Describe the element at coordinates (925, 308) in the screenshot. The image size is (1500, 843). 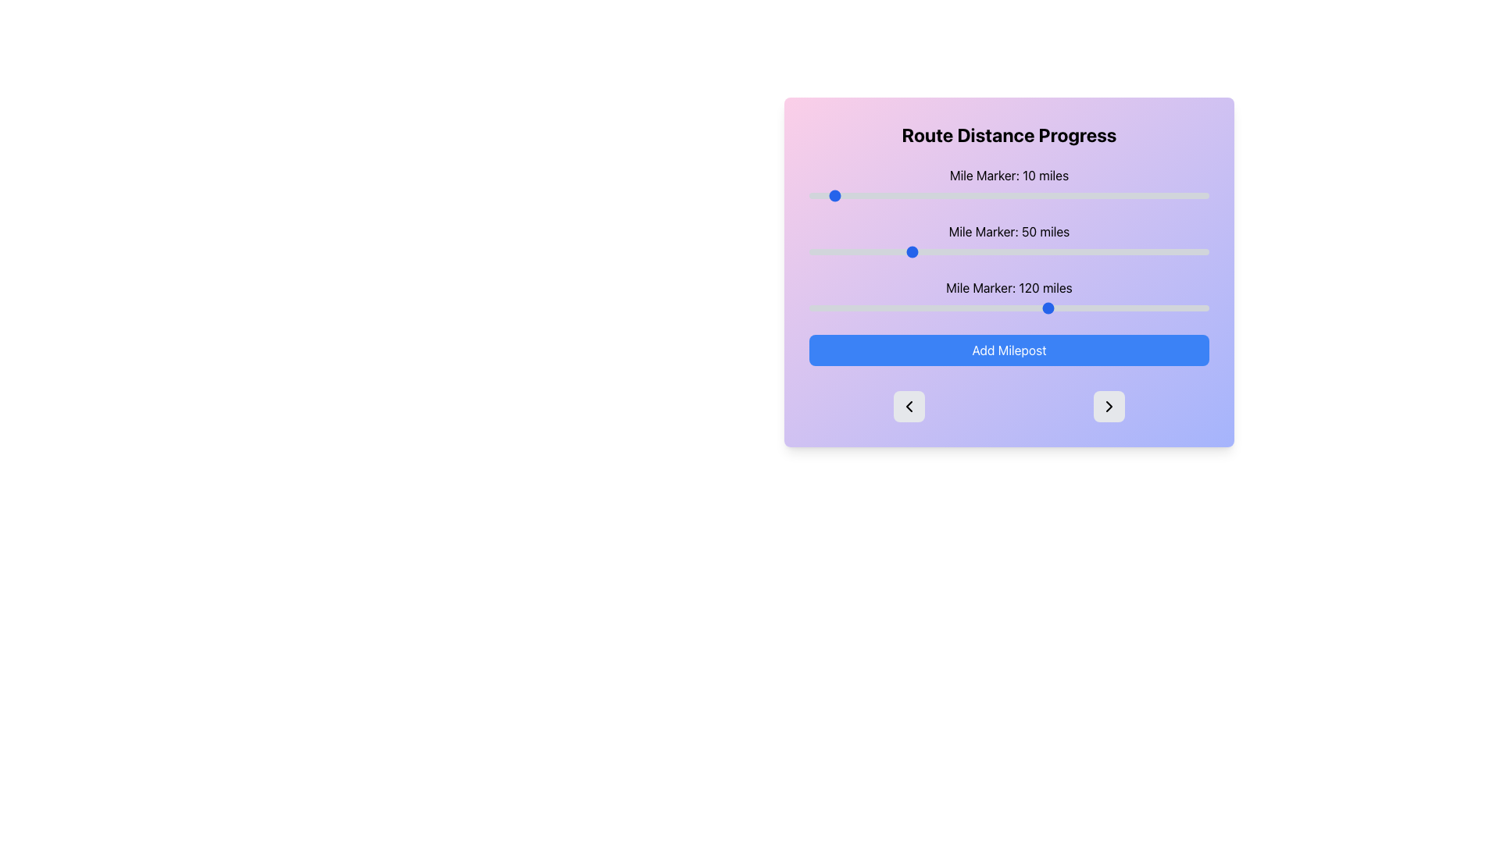
I see `the mile marker` at that location.